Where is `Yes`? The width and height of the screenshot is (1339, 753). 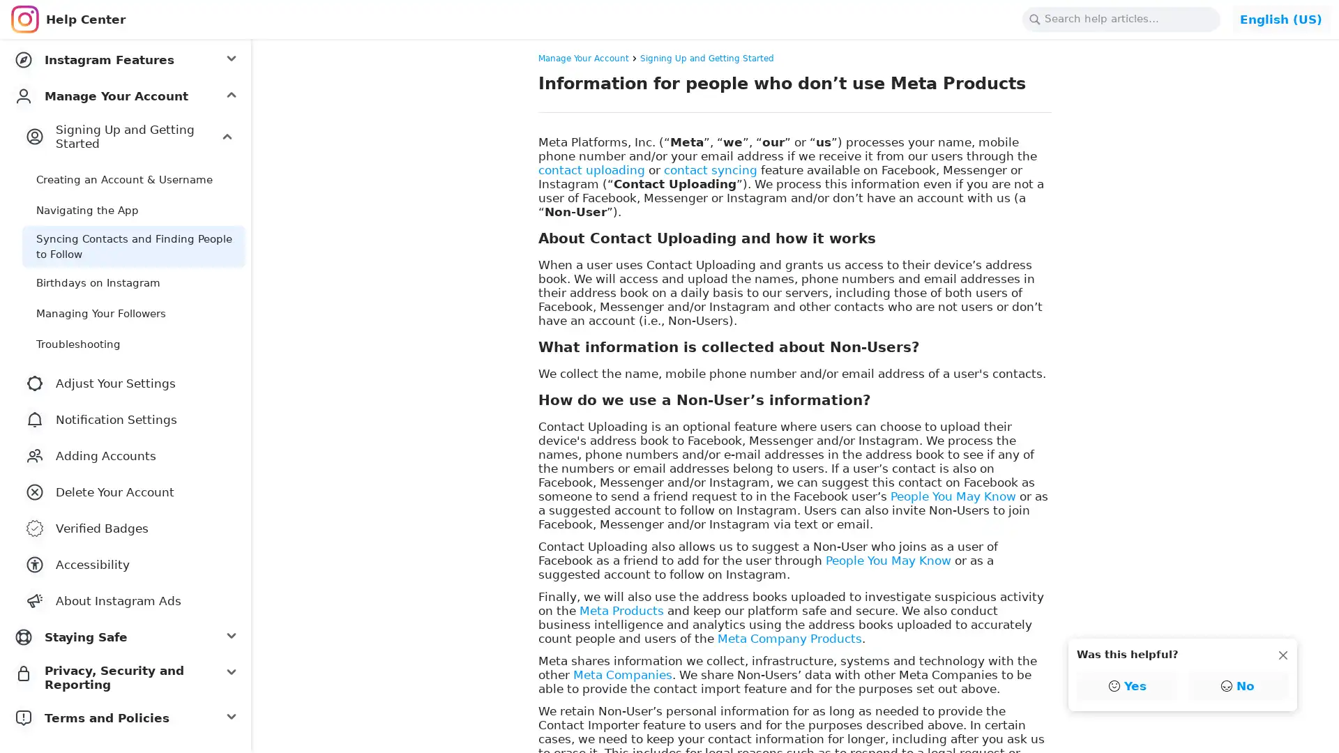 Yes is located at coordinates (1128, 685).